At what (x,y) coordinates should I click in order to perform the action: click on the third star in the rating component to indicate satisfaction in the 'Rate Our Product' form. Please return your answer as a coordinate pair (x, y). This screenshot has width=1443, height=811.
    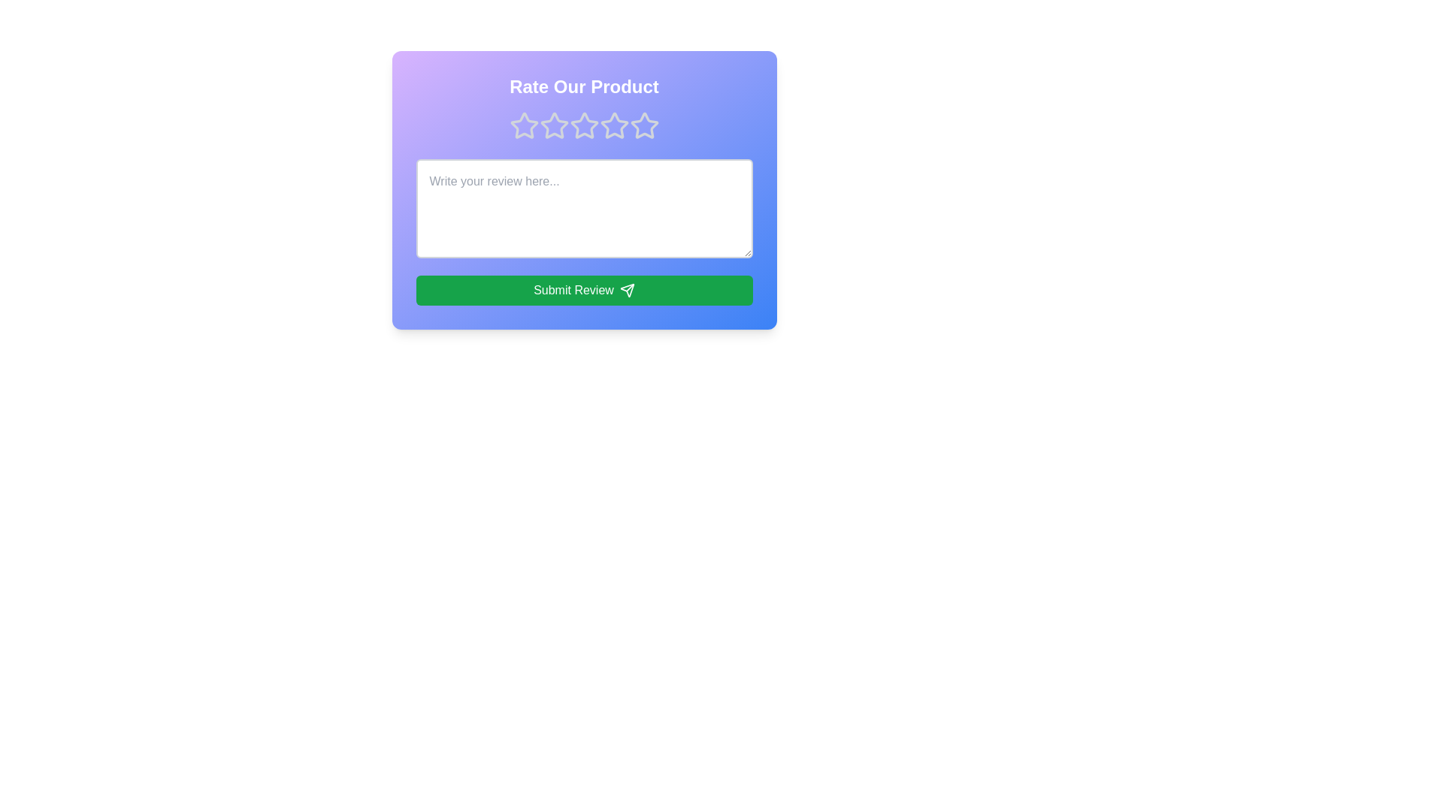
    Looking at the image, I should click on (614, 125).